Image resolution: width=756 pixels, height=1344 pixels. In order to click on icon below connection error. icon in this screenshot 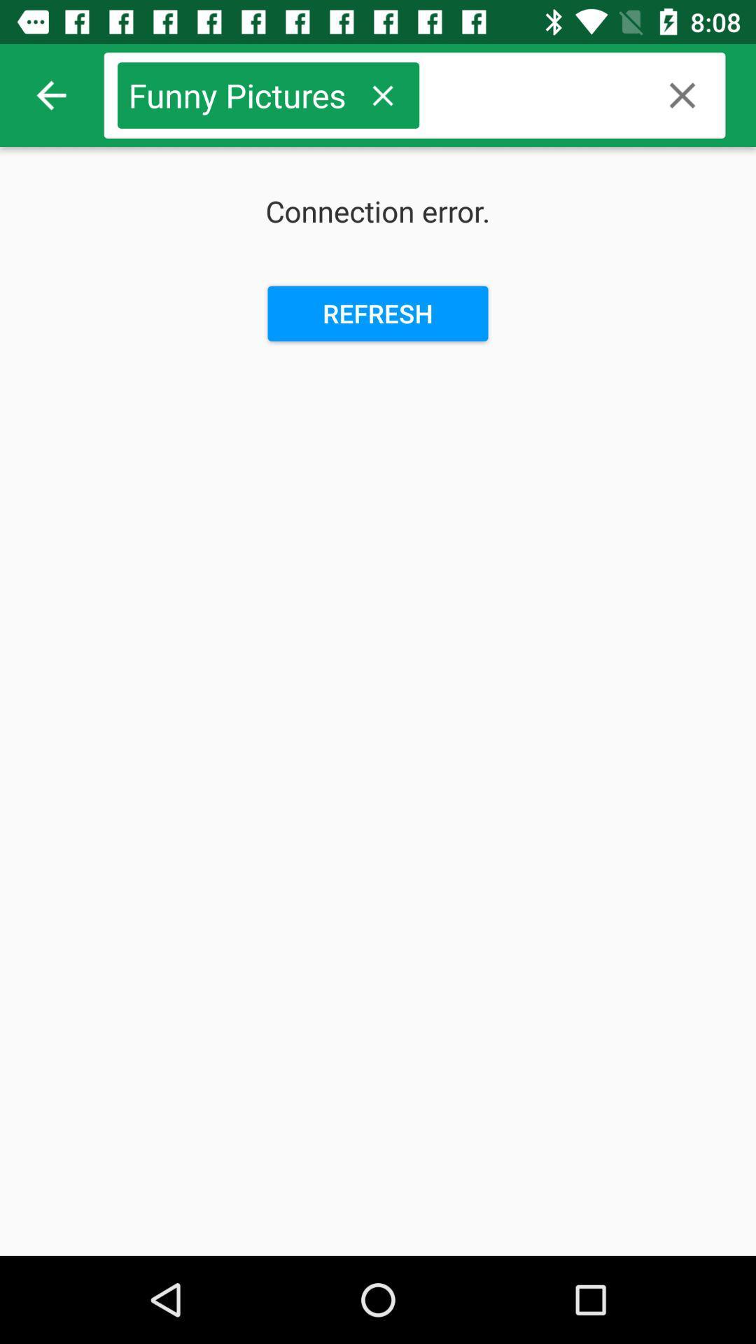, I will do `click(378, 313)`.